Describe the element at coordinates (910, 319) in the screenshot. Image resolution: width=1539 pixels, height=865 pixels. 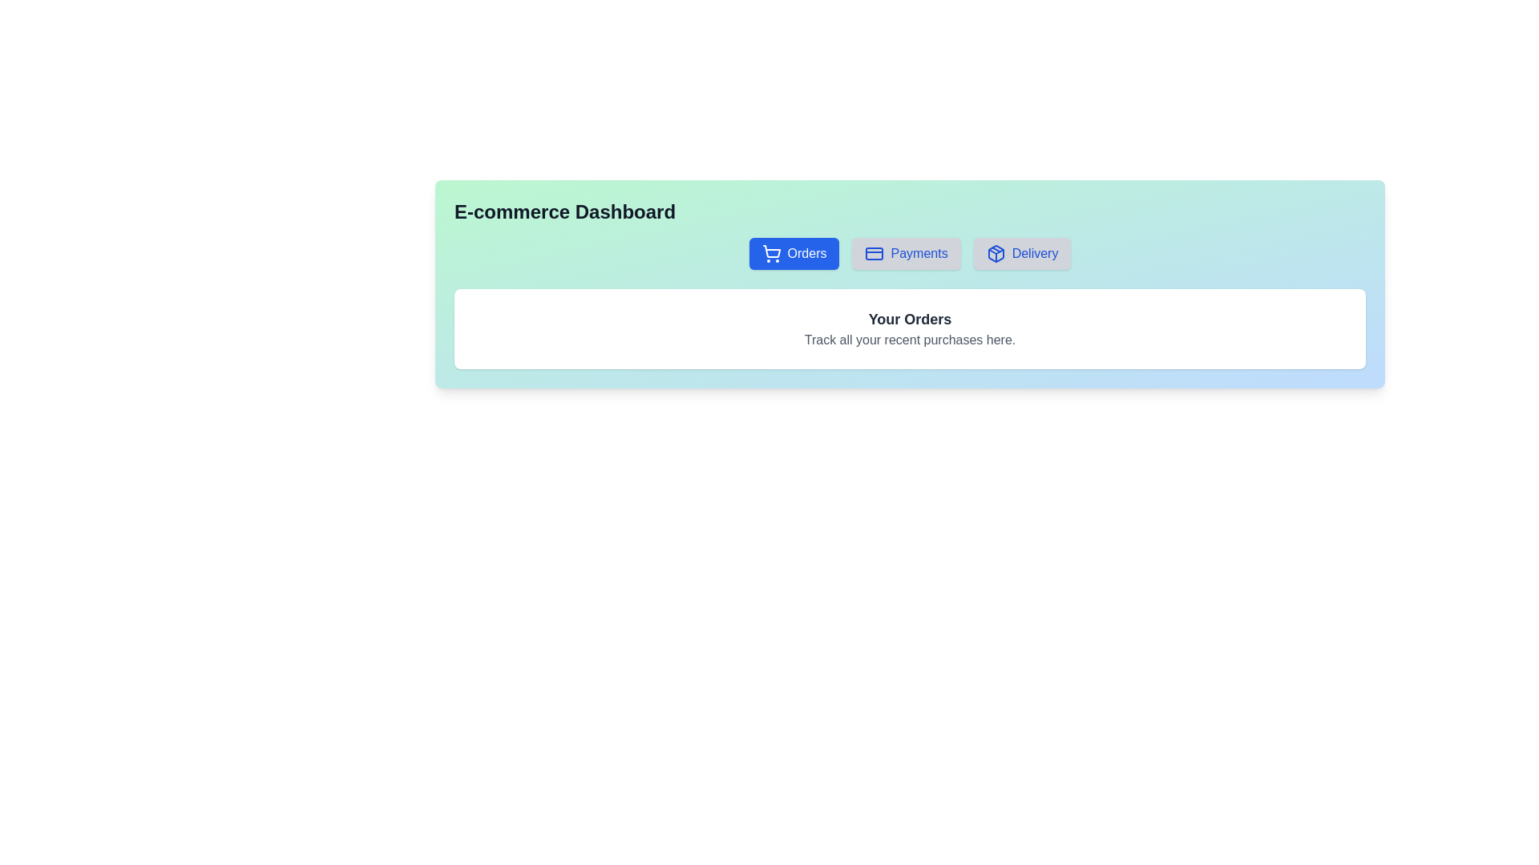
I see `the text label 'Your Orders', which is styled in bold black font and located in the middle of a white card-like section on the dashboard, just below the header buttons for 'Orders', 'Payments', and 'Delivery'` at that location.